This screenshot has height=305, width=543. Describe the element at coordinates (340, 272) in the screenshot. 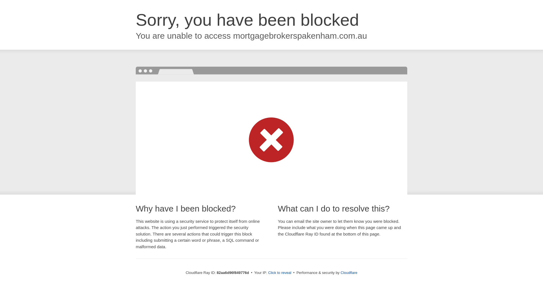

I see `'Cloudflare'` at that location.